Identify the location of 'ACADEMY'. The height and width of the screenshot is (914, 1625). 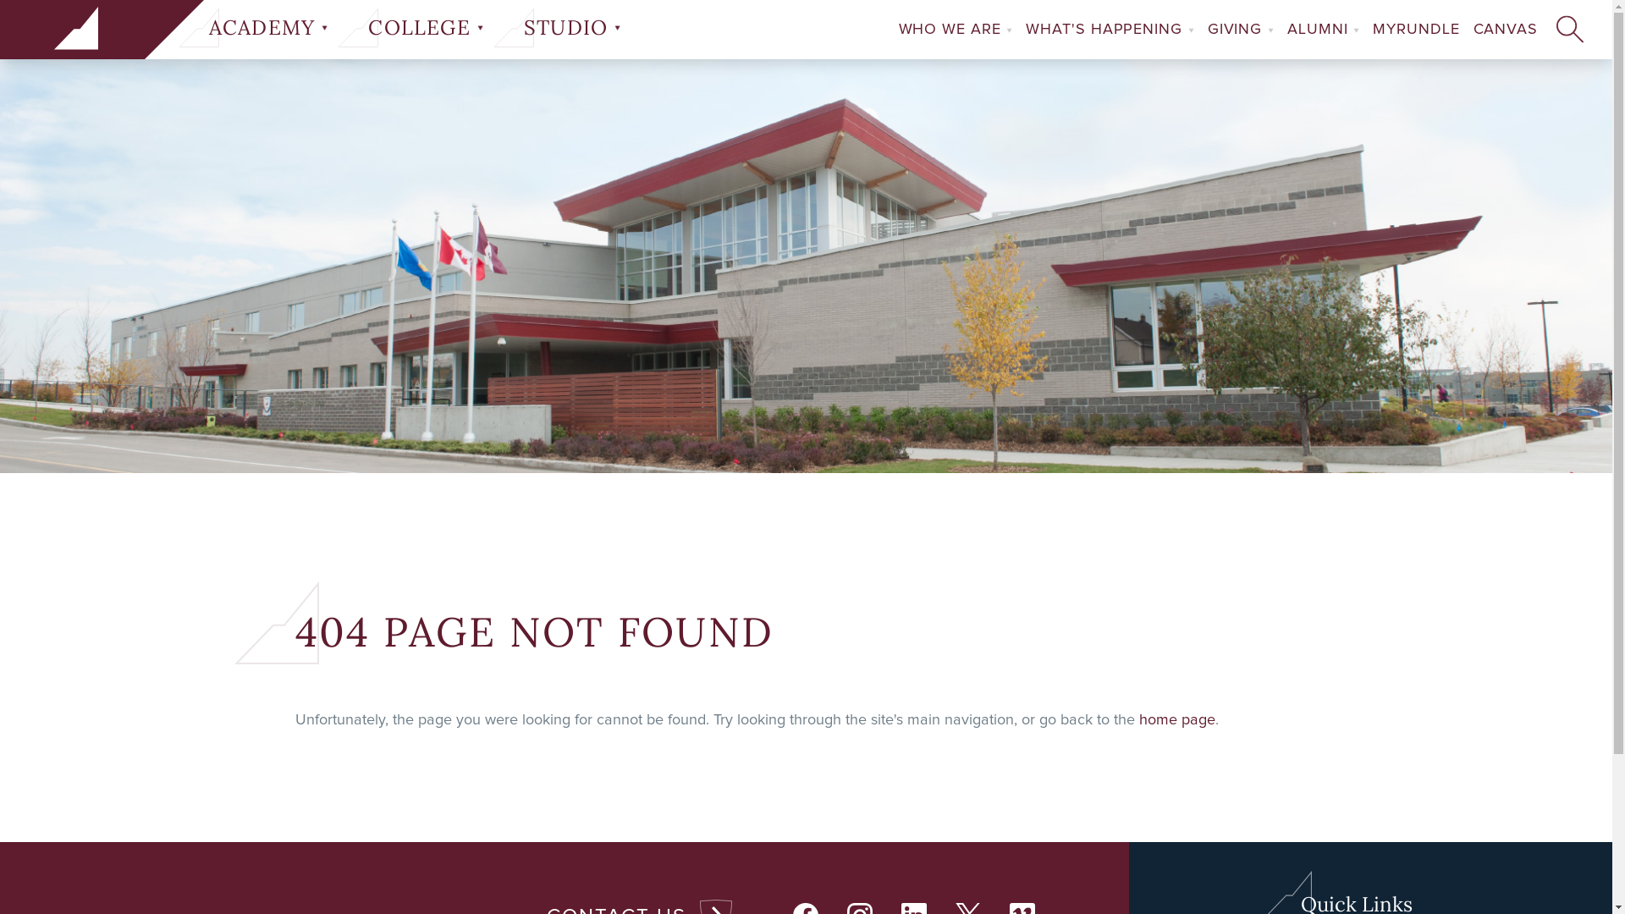
(203, 28).